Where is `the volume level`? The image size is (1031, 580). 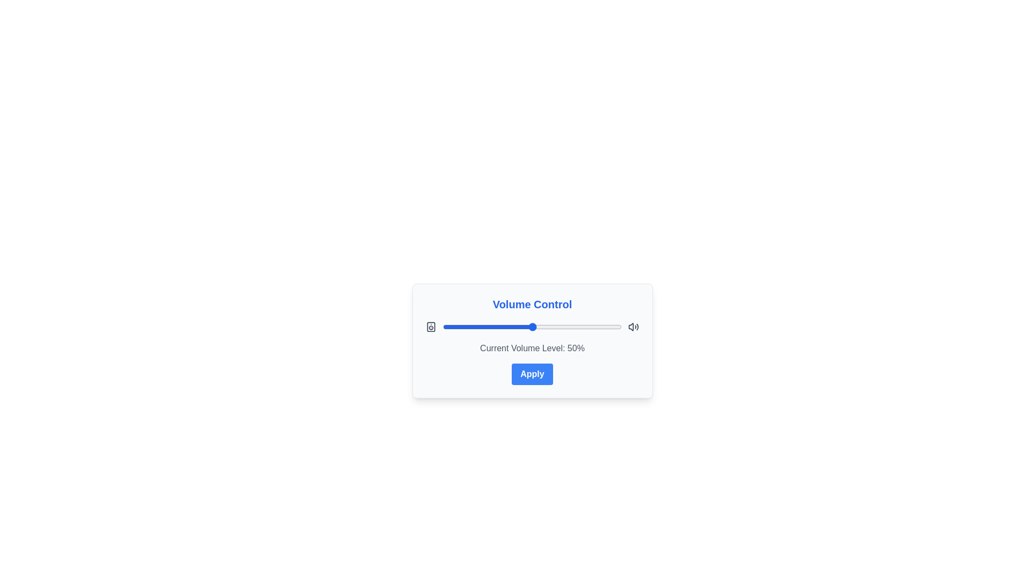
the volume level is located at coordinates (527, 327).